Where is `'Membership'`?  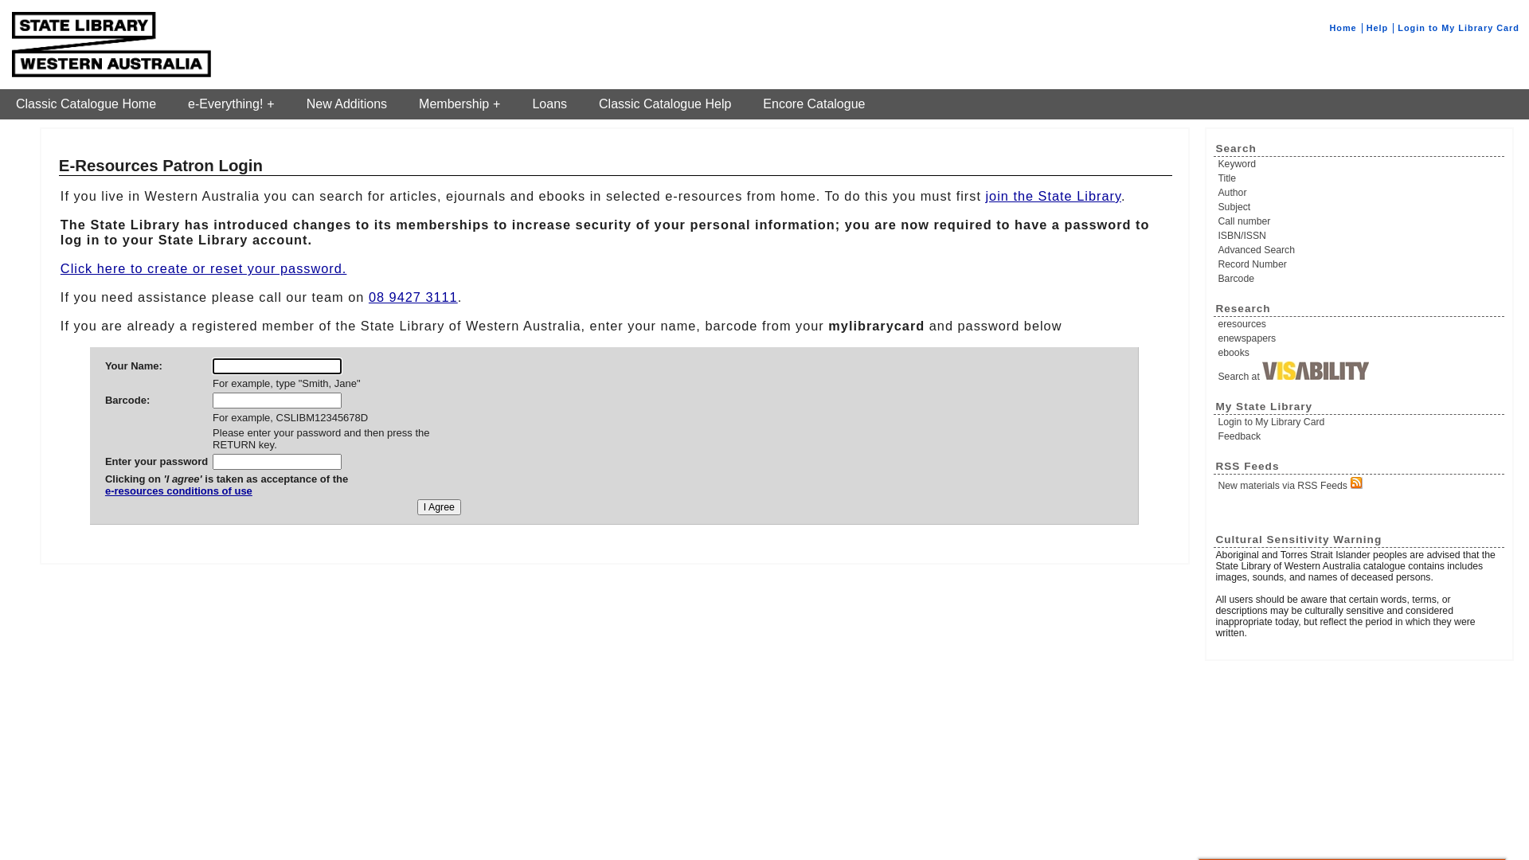 'Membership' is located at coordinates (458, 104).